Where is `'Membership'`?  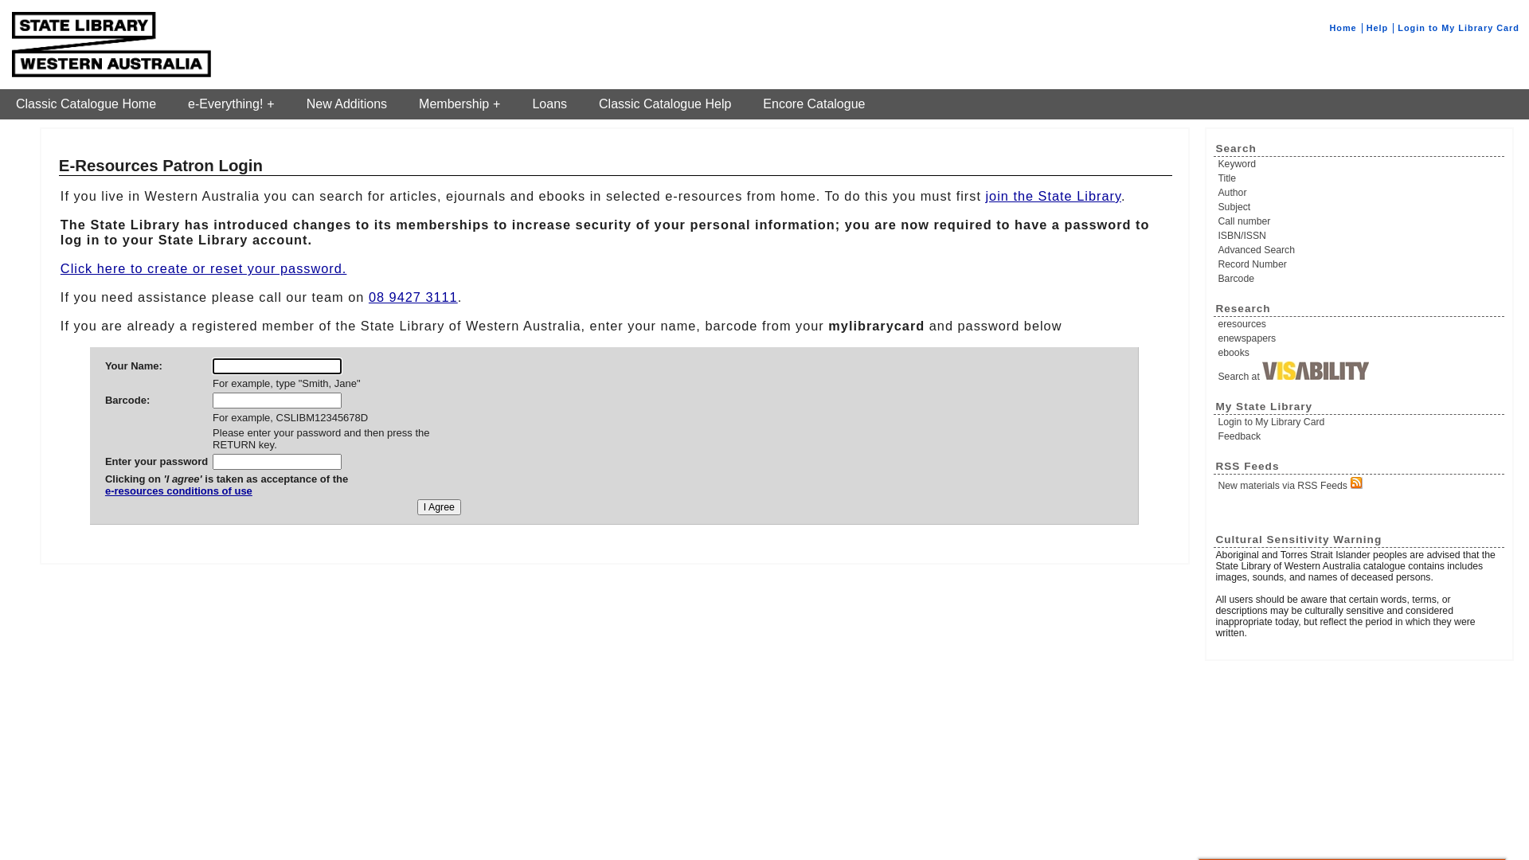 'Membership' is located at coordinates (458, 104).